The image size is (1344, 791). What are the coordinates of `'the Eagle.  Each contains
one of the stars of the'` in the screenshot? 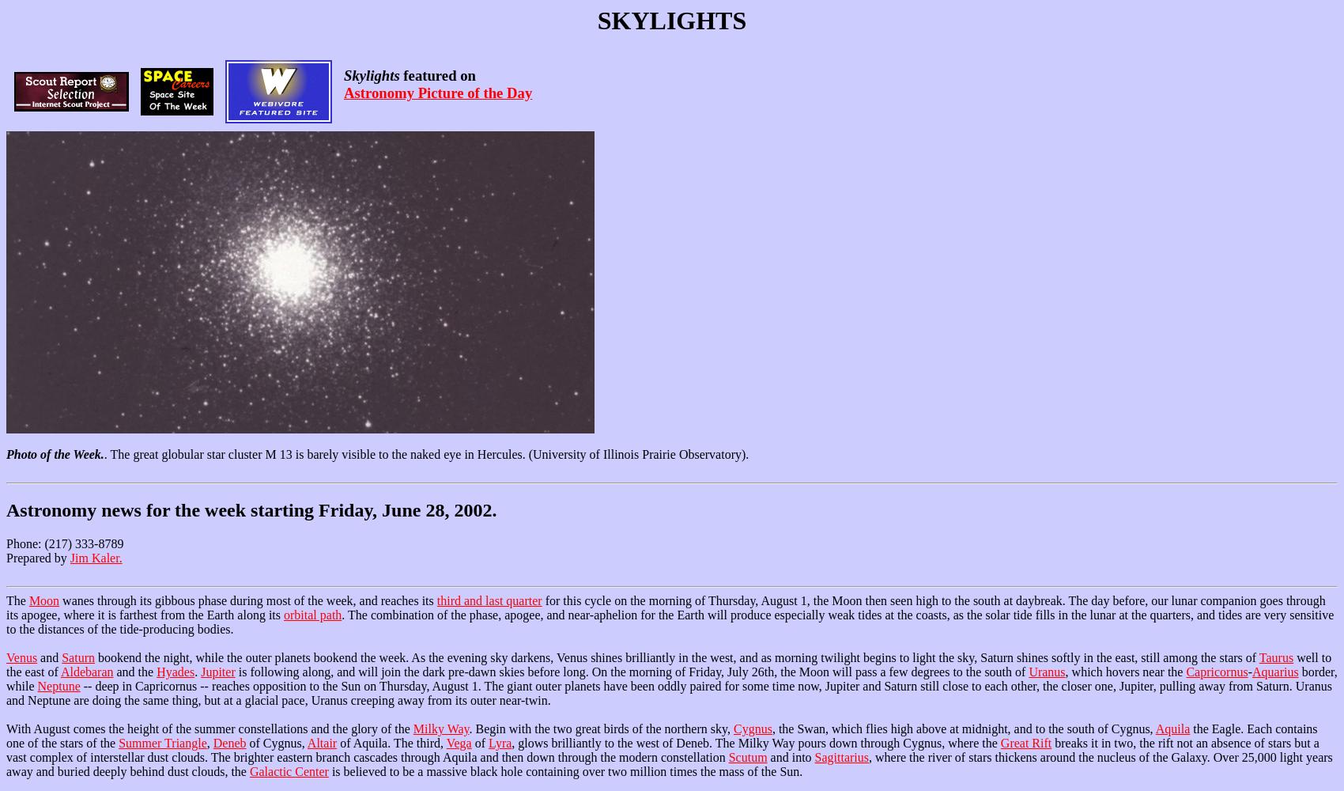 It's located at (6, 736).